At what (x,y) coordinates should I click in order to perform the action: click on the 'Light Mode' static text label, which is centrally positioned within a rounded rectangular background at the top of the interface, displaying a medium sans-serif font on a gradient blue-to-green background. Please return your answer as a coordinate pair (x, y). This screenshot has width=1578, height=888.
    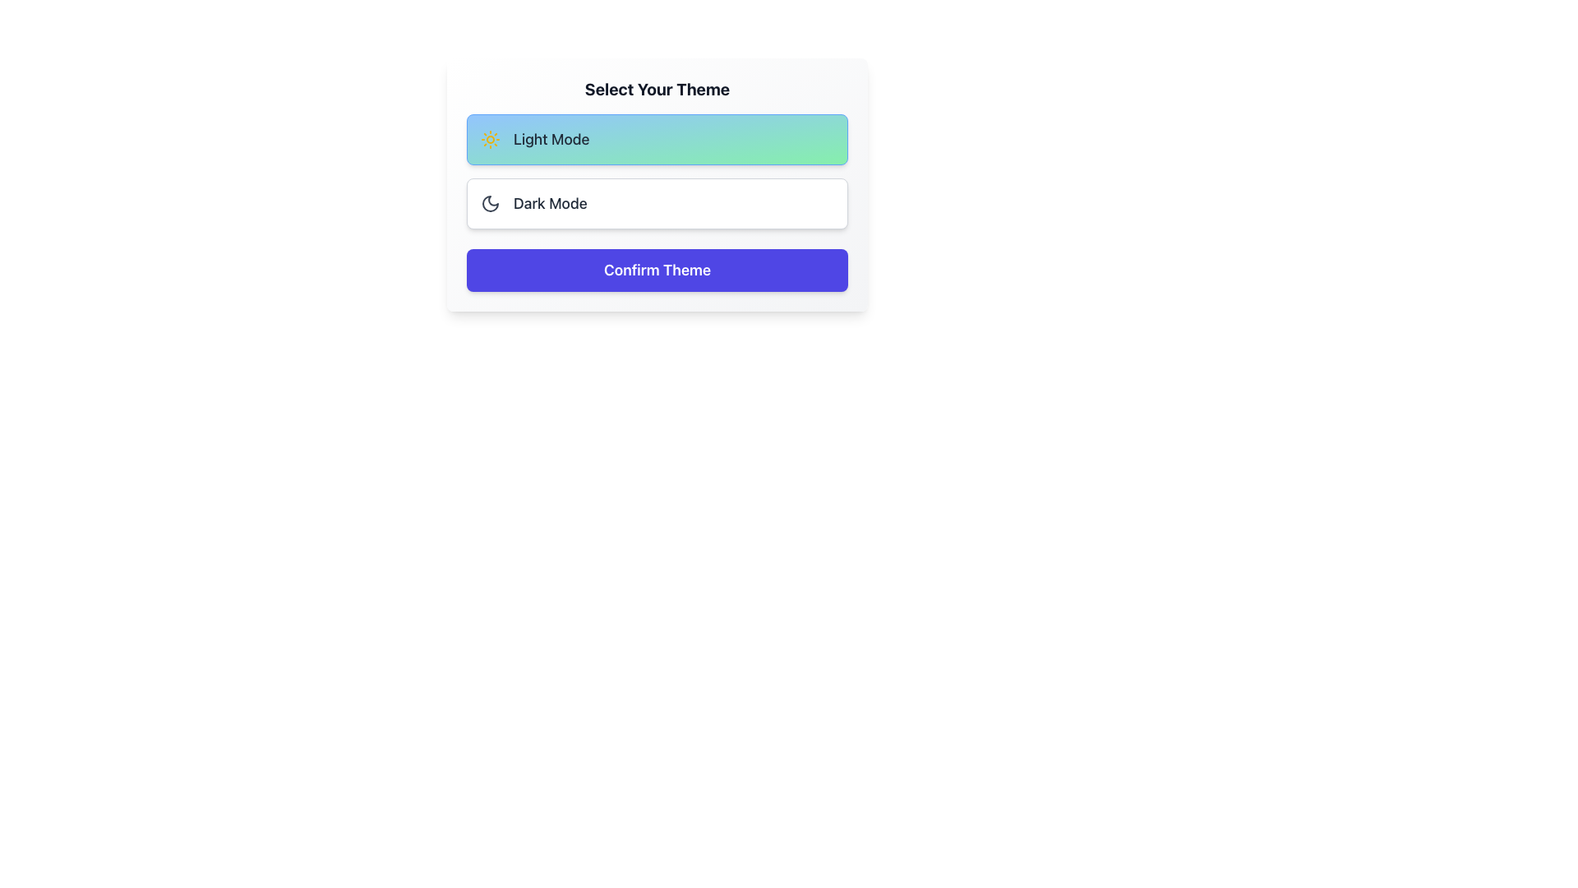
    Looking at the image, I should click on (551, 138).